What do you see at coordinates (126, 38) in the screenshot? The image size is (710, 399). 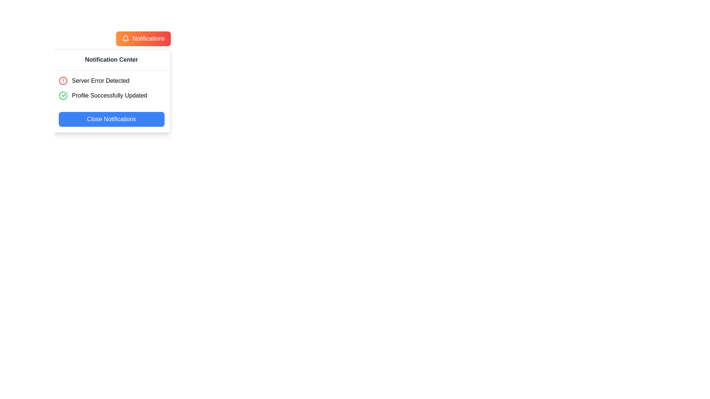 I see `the bell-shaped icon within the orange-red notification button labeled 'Notifications'` at bounding box center [126, 38].